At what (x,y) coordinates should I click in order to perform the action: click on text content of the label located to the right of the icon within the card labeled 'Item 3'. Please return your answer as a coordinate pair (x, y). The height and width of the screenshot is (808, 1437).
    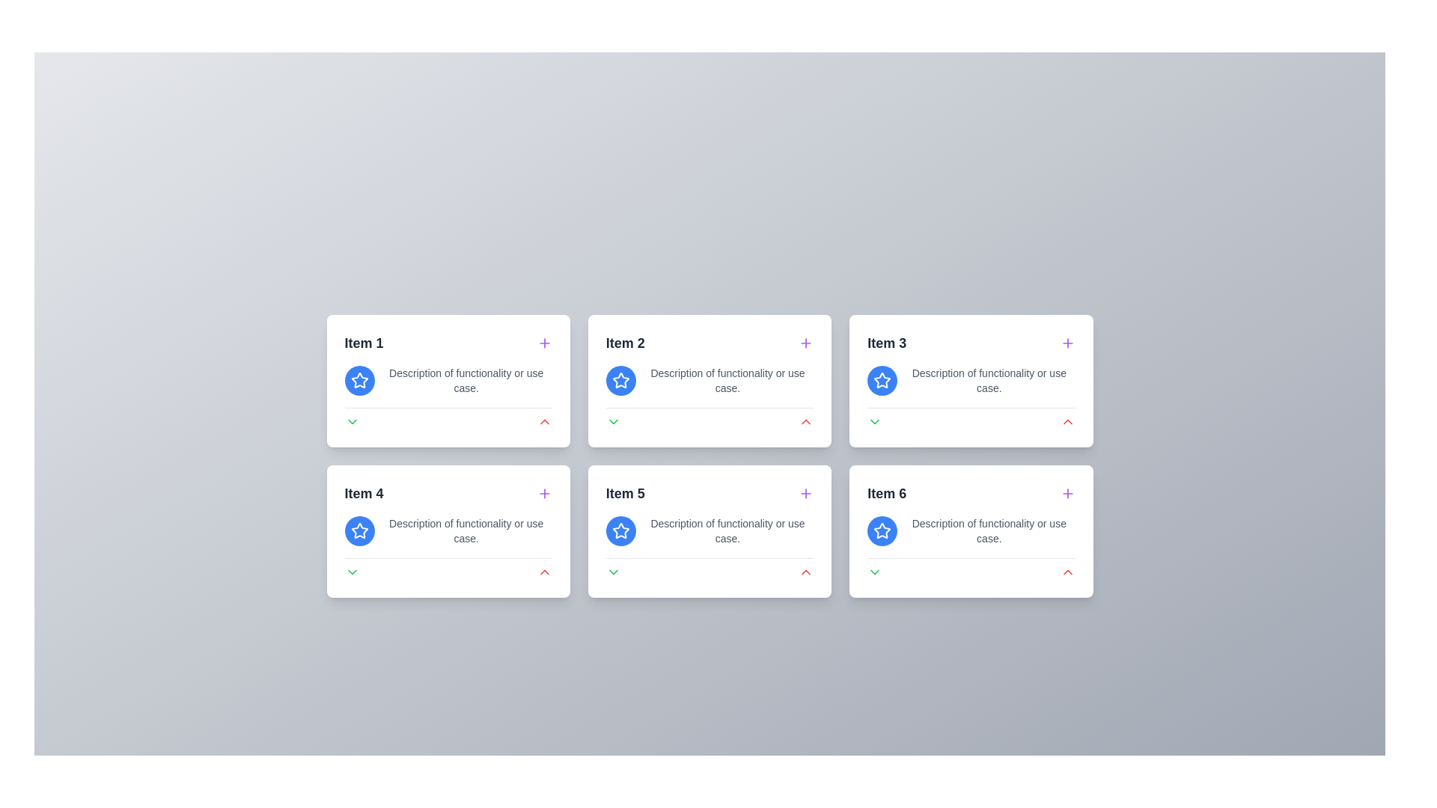
    Looking at the image, I should click on (989, 380).